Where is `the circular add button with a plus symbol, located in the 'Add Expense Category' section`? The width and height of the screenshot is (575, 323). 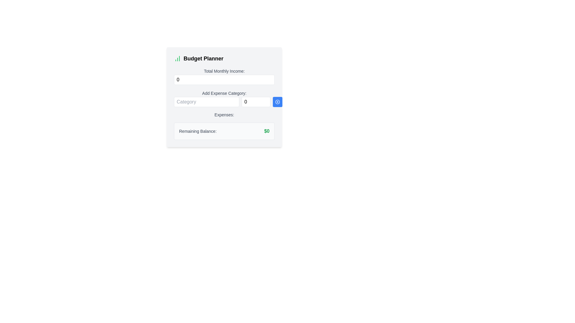 the circular add button with a plus symbol, located in the 'Add Expense Category' section is located at coordinates (277, 101).